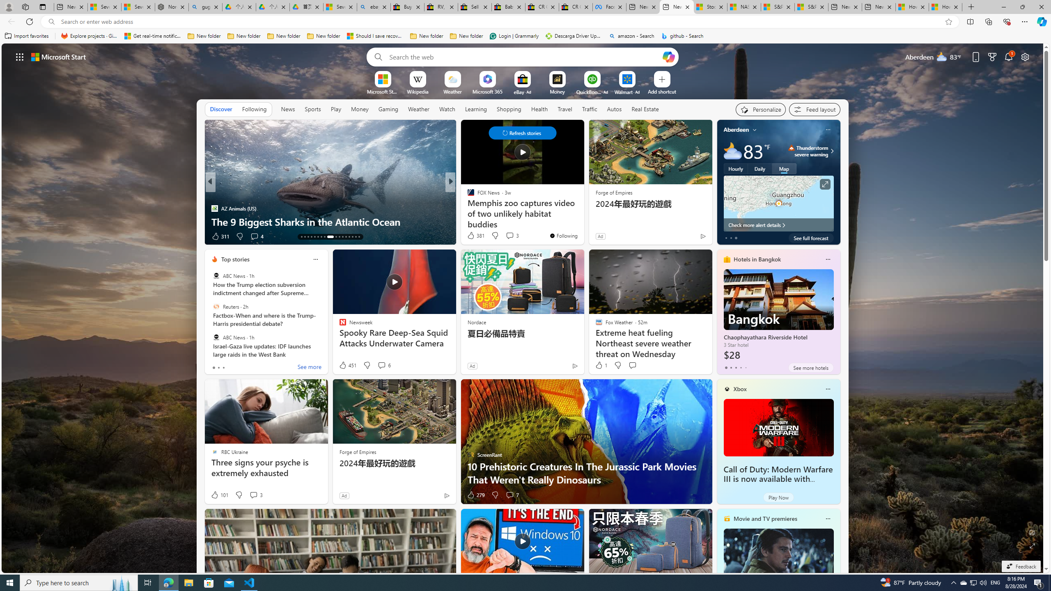  Describe the element at coordinates (760, 110) in the screenshot. I see `'Personalize your feed"'` at that location.